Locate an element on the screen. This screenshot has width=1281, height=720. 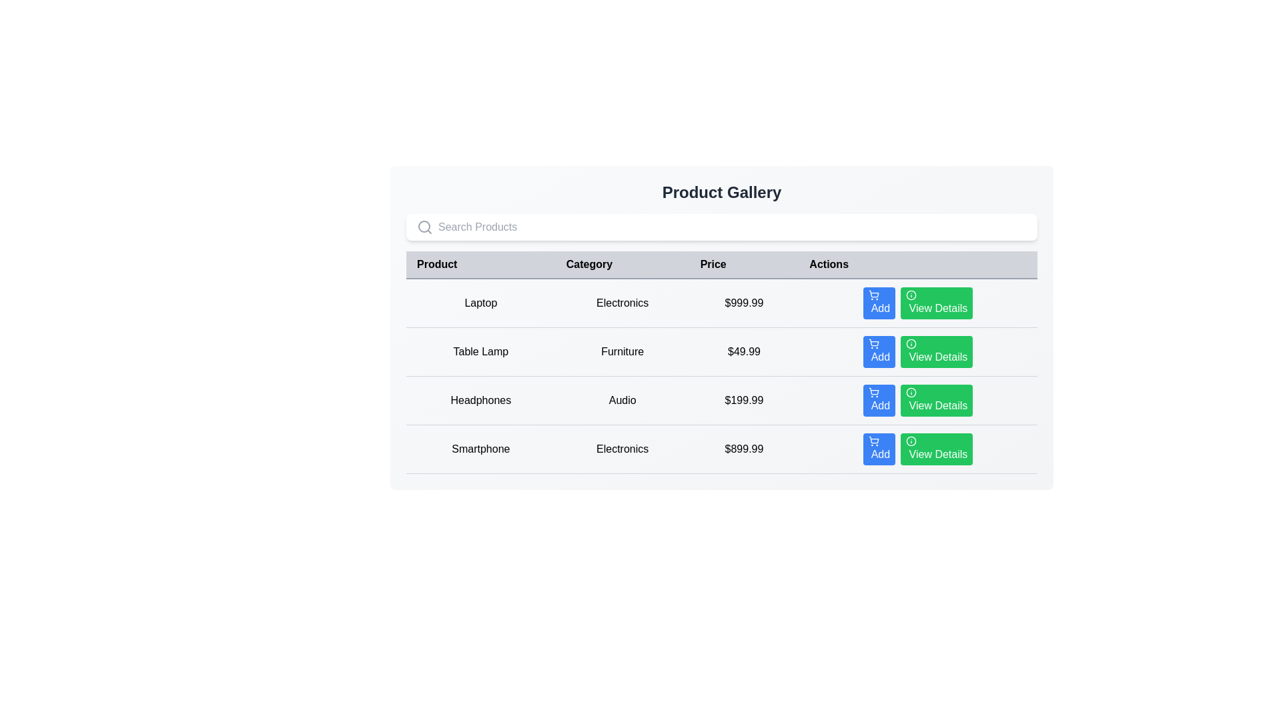
the shopping cart icon within the 'Actions' column next to the first row (product Laptop) of the product table is located at coordinates (874, 293).